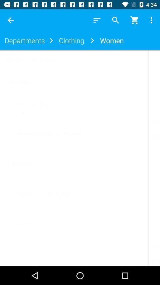 The width and height of the screenshot is (160, 285). I want to click on more options icon, so click(152, 20).